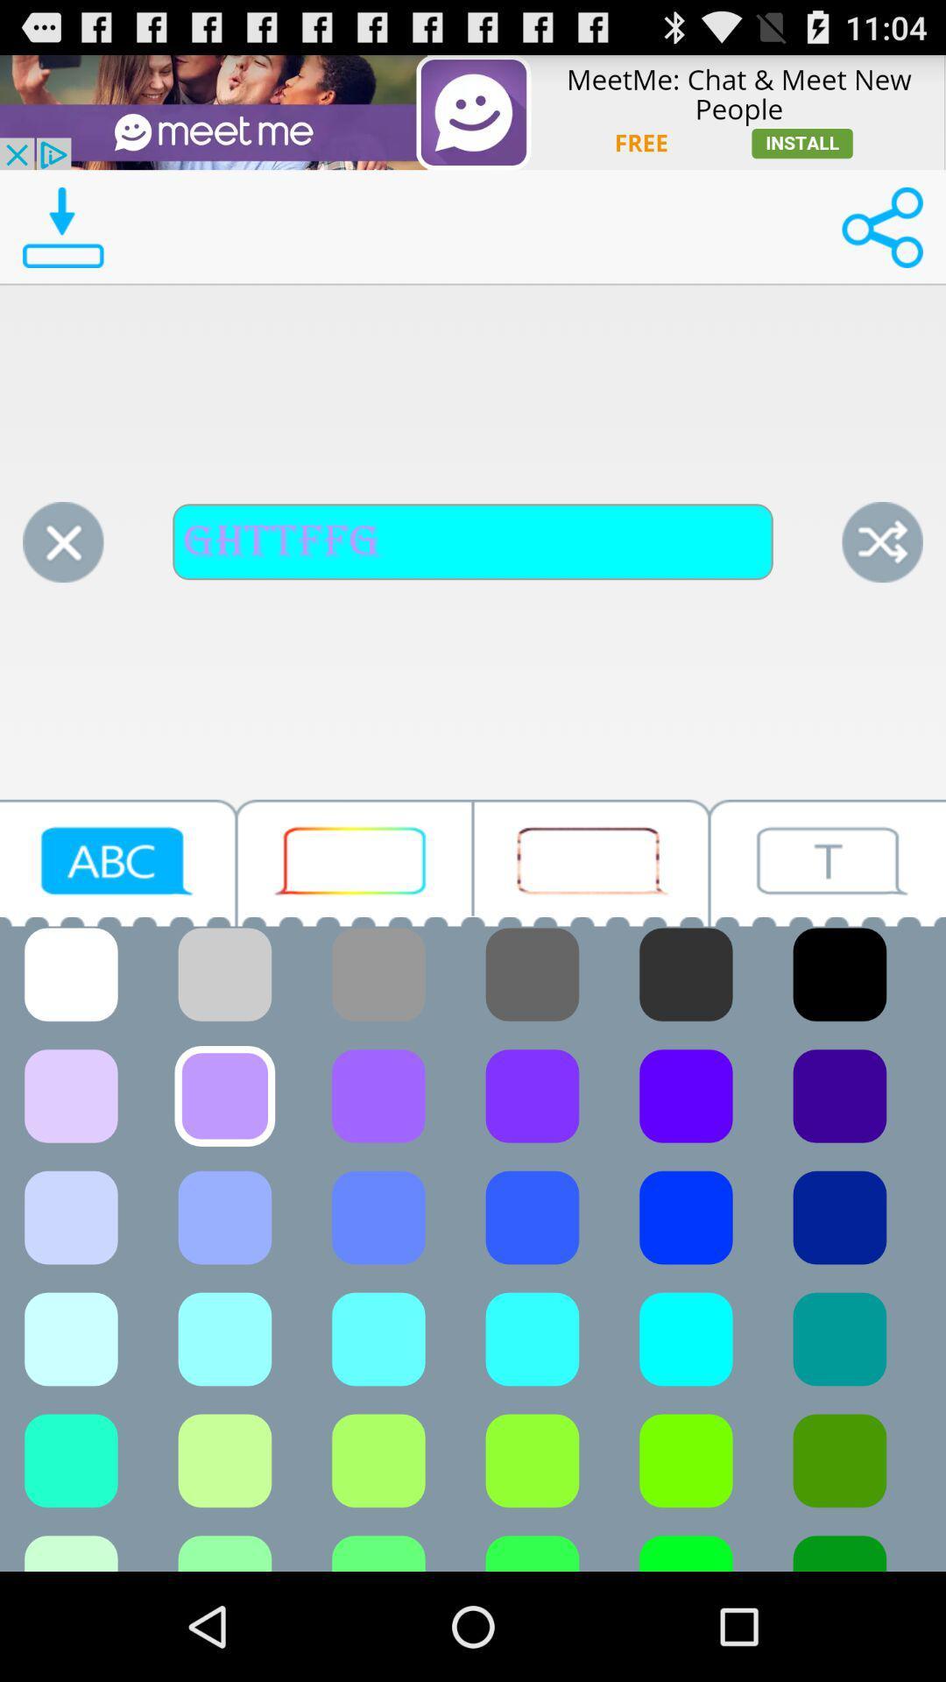 This screenshot has height=1682, width=946. What do you see at coordinates (591, 863) in the screenshot?
I see `advertisement` at bounding box center [591, 863].